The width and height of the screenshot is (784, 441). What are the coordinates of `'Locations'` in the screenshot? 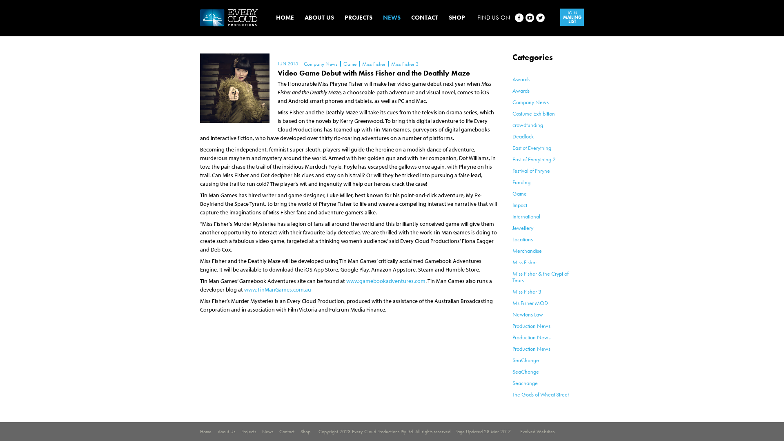 It's located at (523, 239).